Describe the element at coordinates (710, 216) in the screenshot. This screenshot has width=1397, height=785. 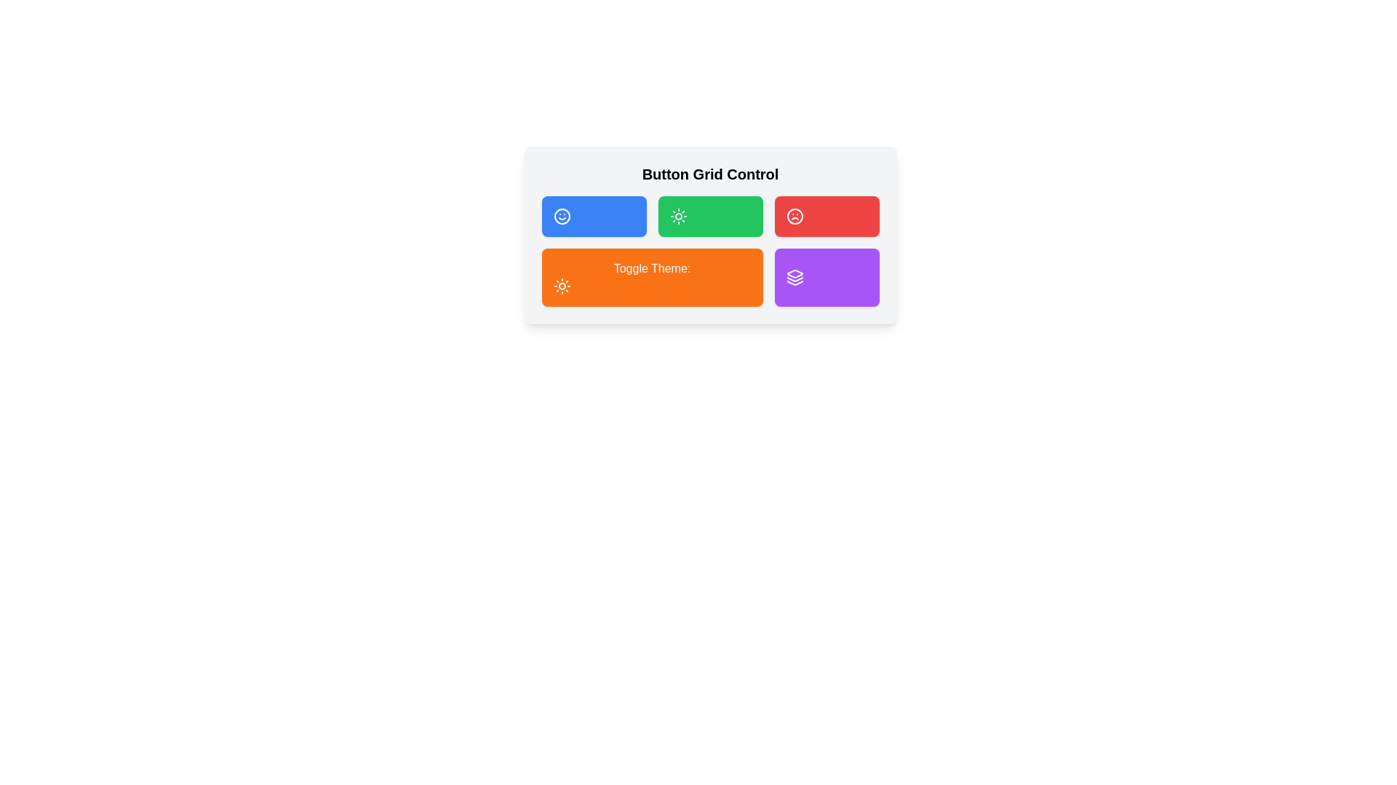
I see `the second button in the top row of the 'Button Grid Control'` at that location.